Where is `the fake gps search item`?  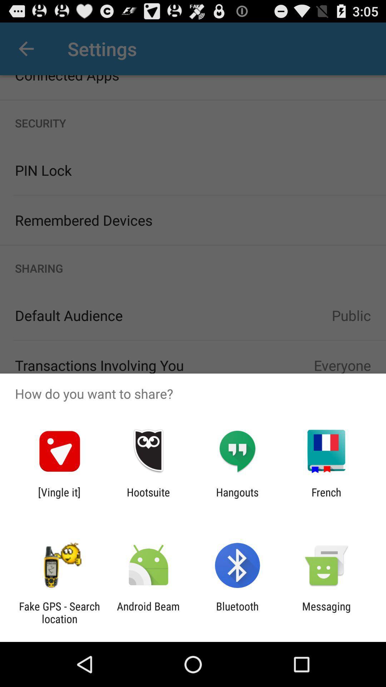
the fake gps search item is located at coordinates (59, 612).